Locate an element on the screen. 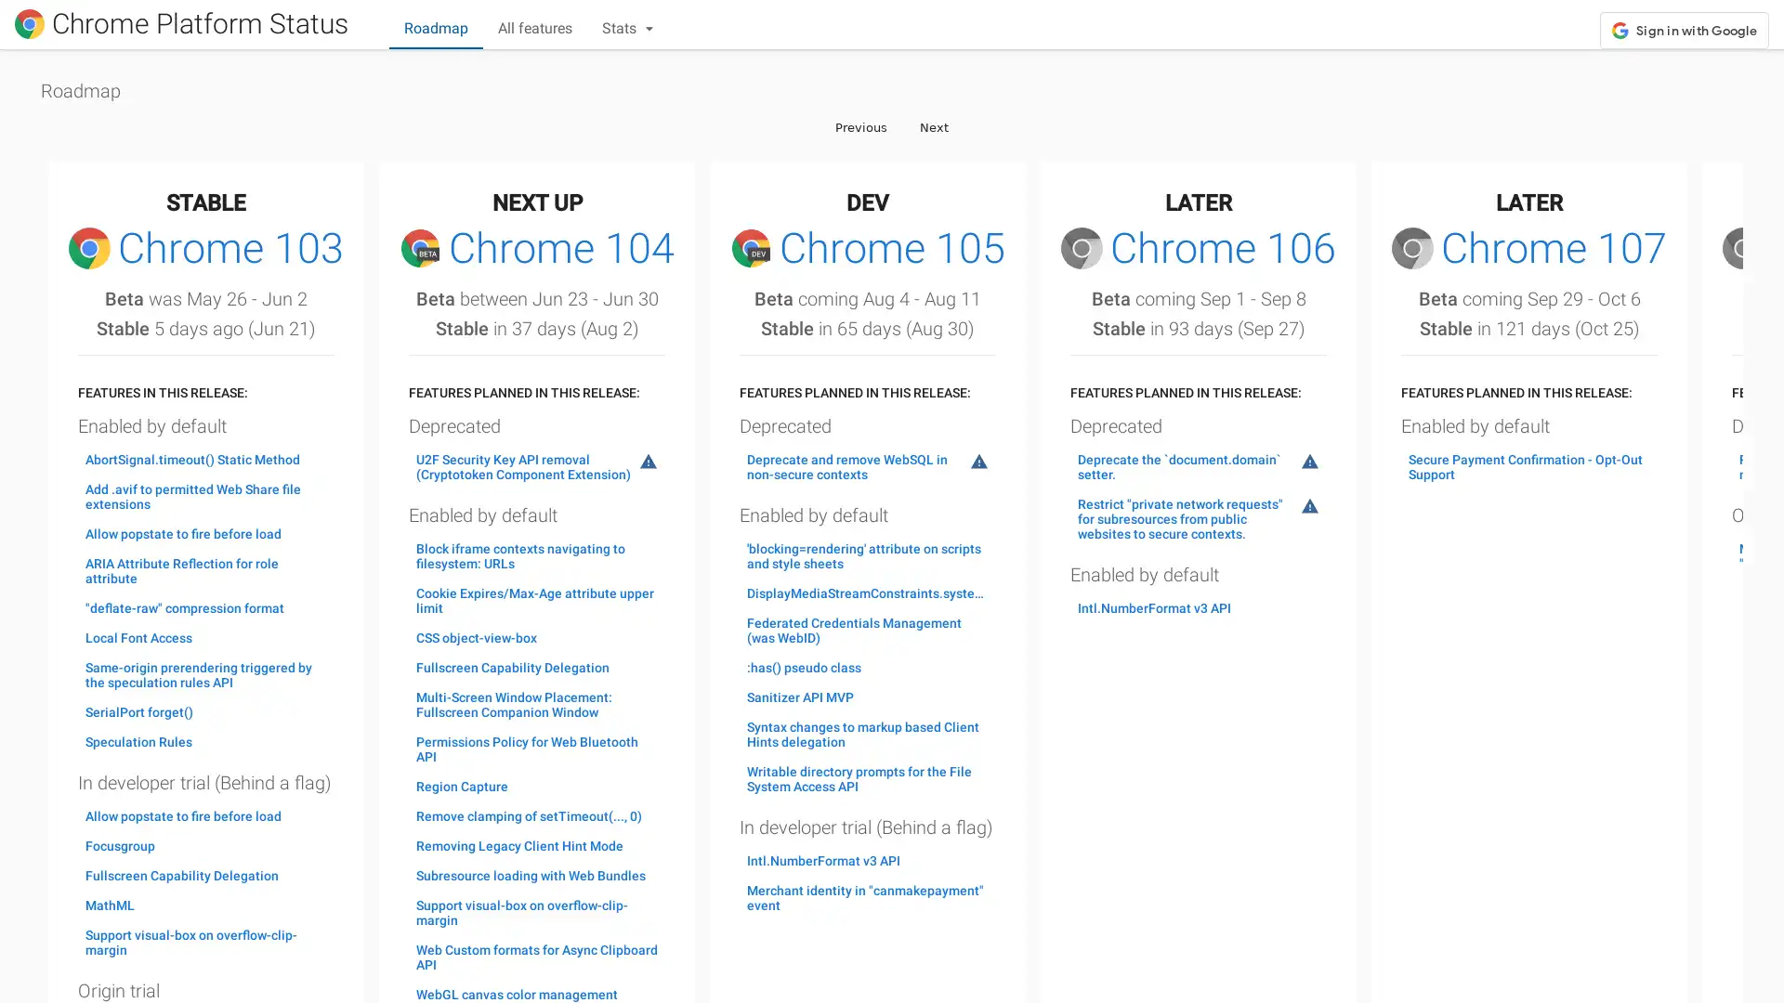 The width and height of the screenshot is (1784, 1003). Button to move to later release is located at coordinates (934, 125).